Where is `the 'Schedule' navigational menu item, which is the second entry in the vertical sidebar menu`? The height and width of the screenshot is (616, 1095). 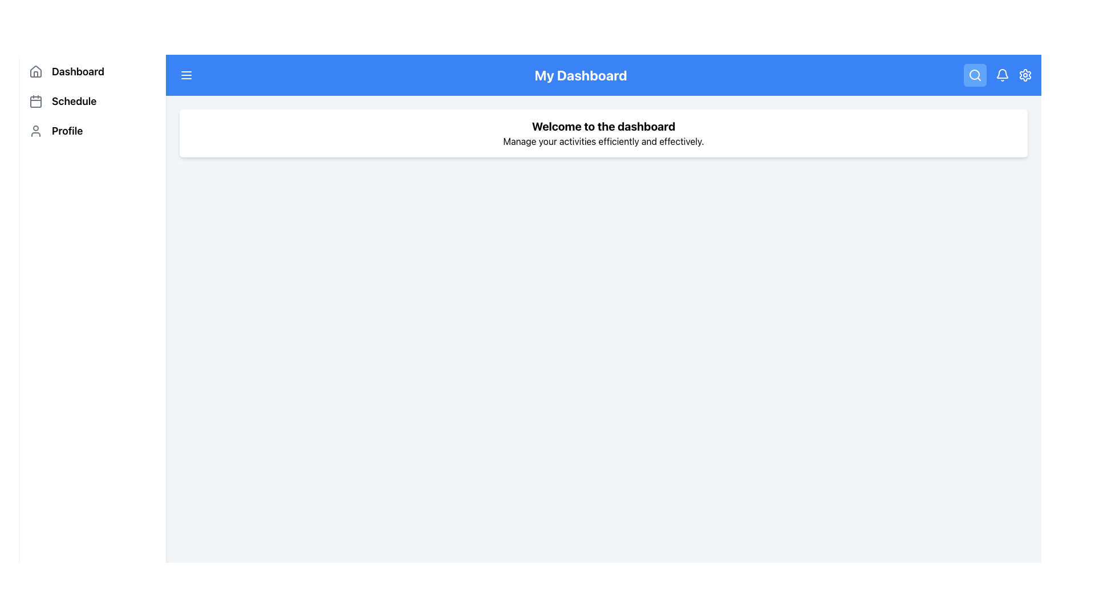
the 'Schedule' navigational menu item, which is the second entry in the vertical sidebar menu is located at coordinates (93, 100).